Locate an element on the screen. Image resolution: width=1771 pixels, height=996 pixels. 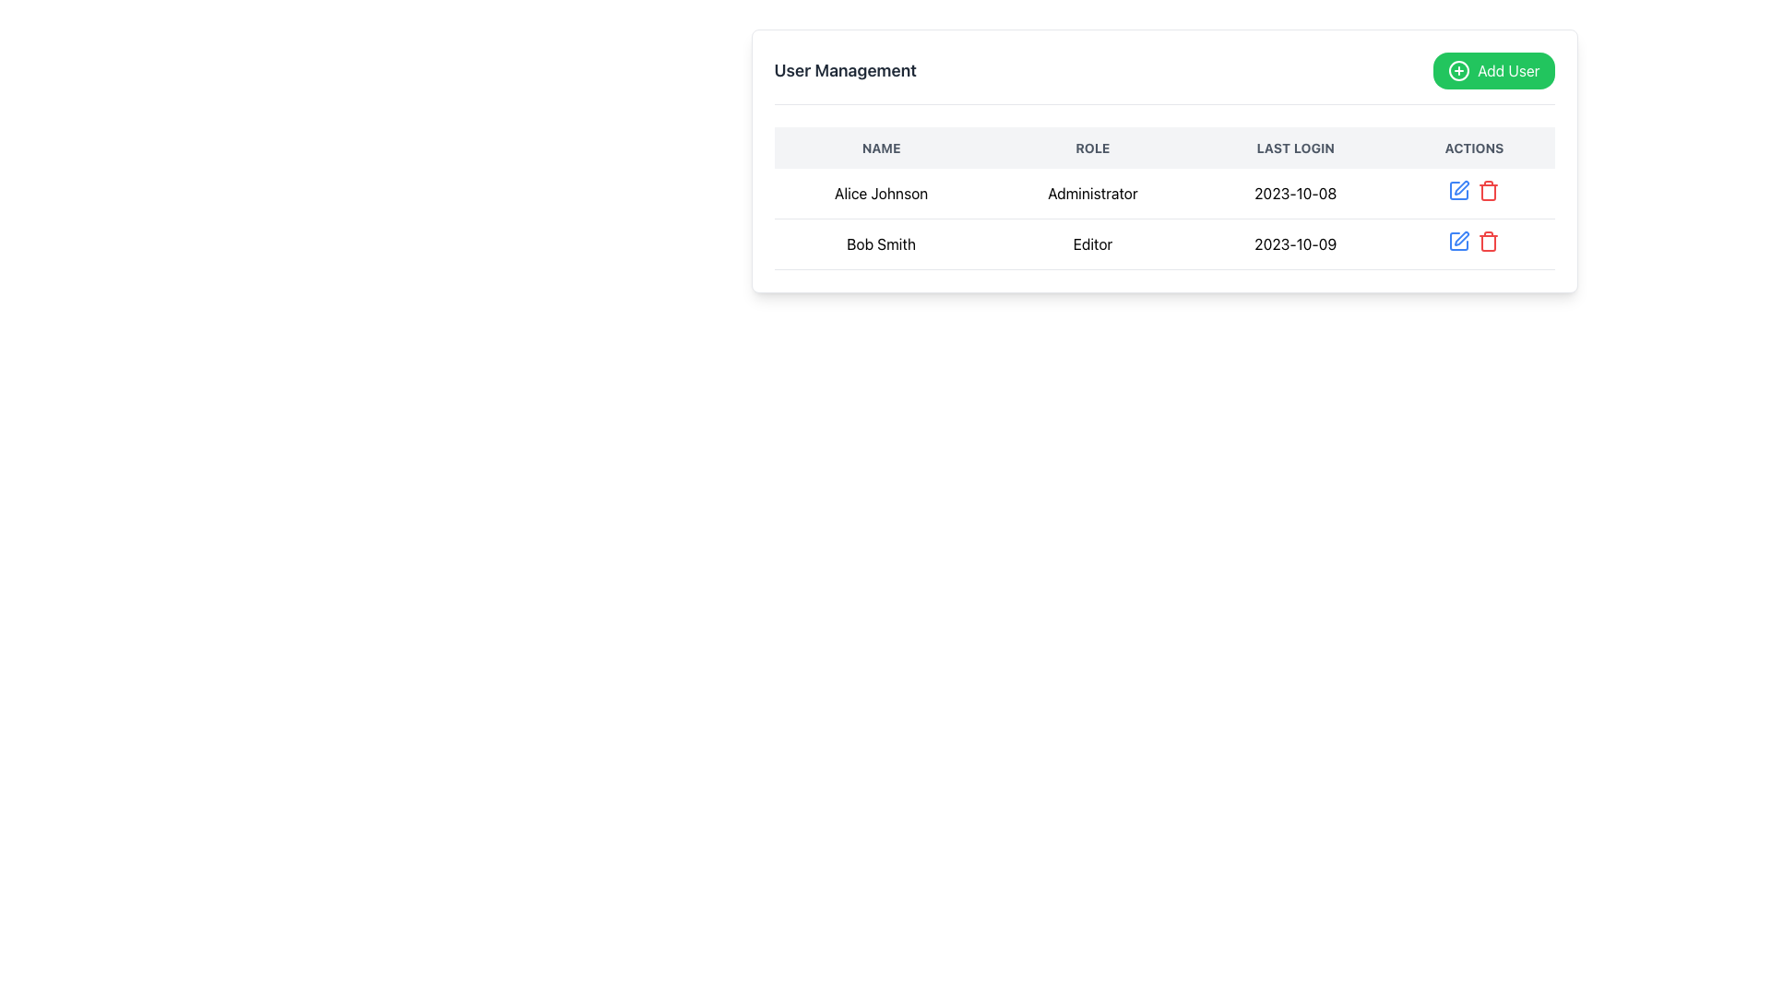
the text displaying the last login date for user 'Bob Smith' located in the second row under the 'Last Login' column is located at coordinates (1294, 243).